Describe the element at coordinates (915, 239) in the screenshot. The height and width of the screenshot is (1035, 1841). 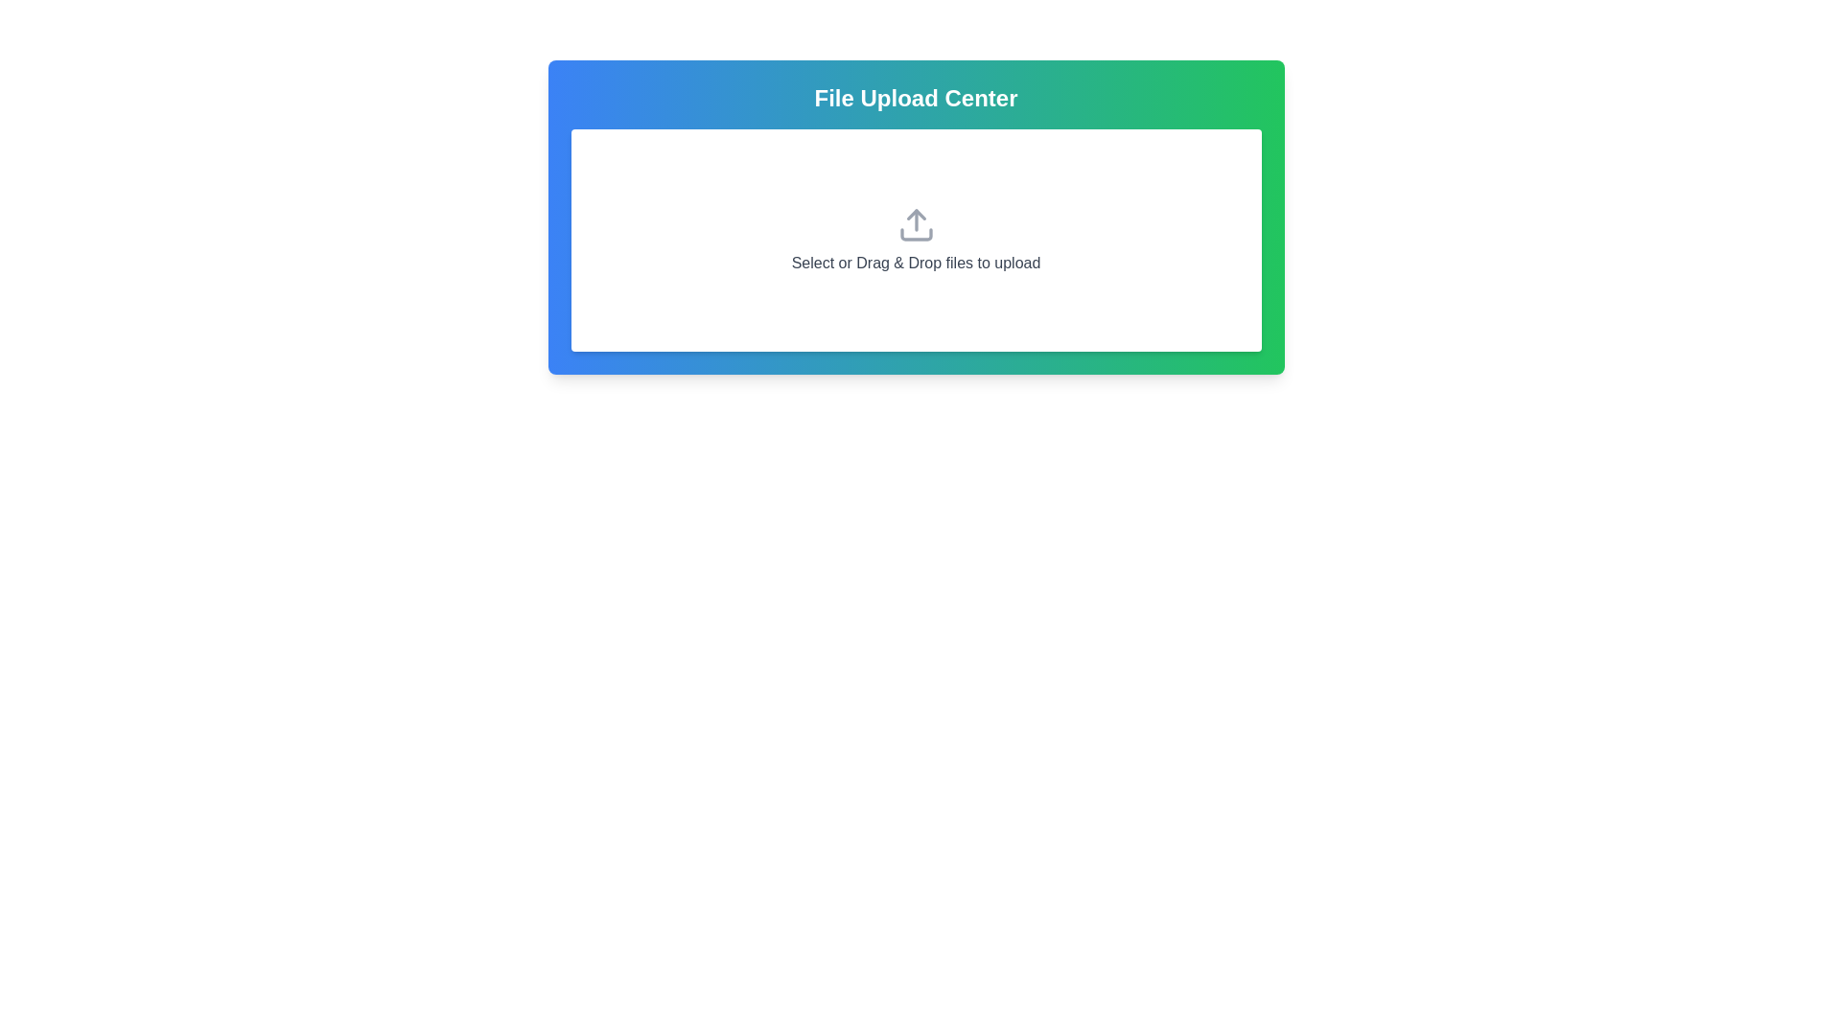
I see `the Interactive file upload area, which is a white rectangular box with an upward arrow icon and the text 'Select or Drag & Drop files to upload'` at that location.